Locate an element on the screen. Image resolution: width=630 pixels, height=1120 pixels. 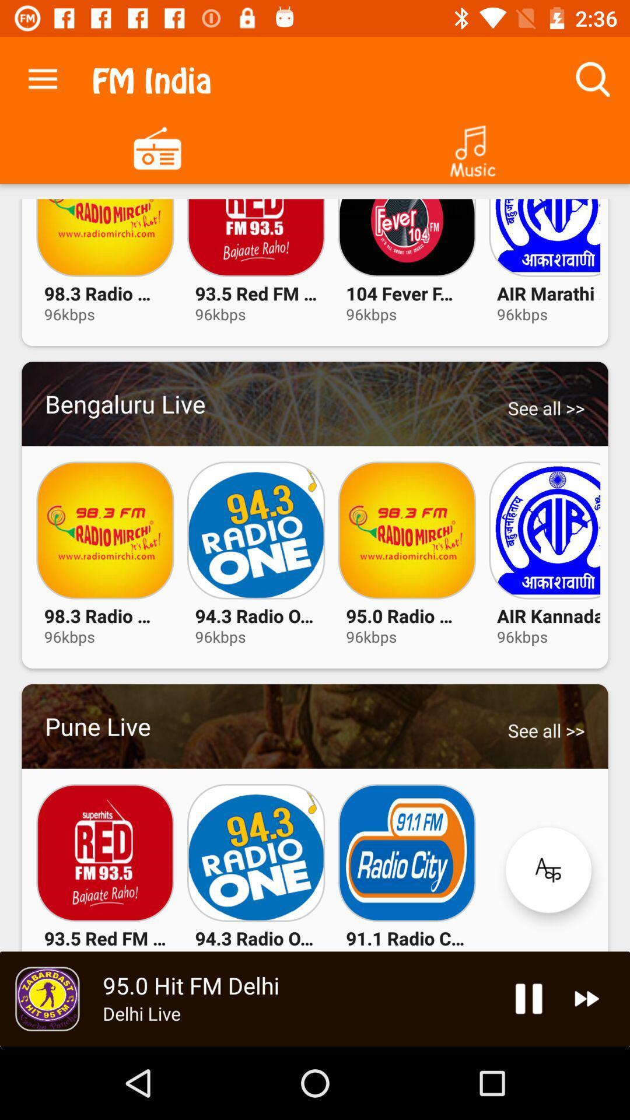
the item to the left of the fm india icon is located at coordinates (42, 76).